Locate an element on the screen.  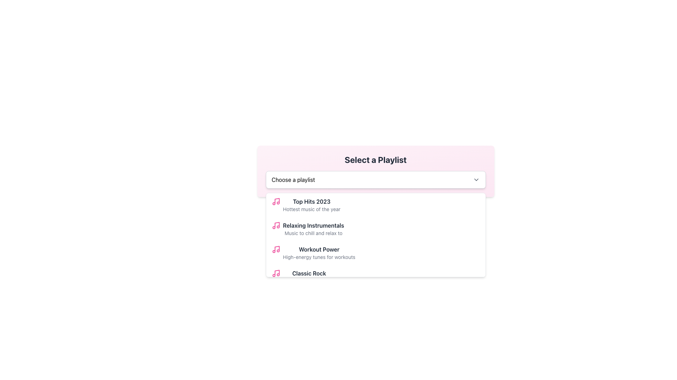
the SVG icon representing the 'Workout Power' playlist, which serves as a visual cue for the playlist is located at coordinates (275, 249).